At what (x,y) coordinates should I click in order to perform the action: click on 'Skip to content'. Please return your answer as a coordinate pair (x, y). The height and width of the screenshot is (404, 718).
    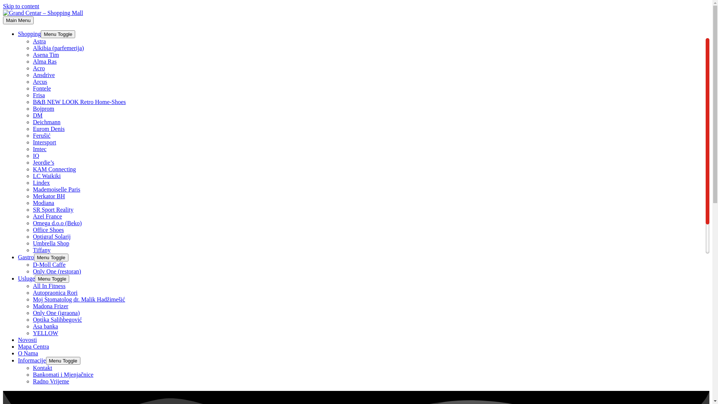
    Looking at the image, I should click on (21, 6).